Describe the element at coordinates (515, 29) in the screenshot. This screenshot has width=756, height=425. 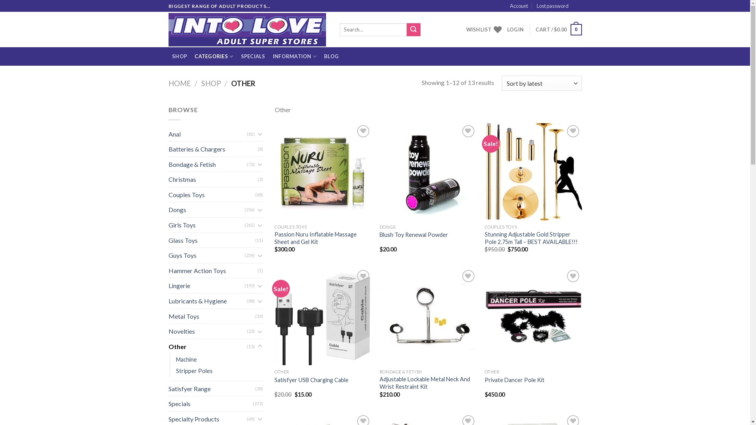
I see `'LOGIN'` at that location.